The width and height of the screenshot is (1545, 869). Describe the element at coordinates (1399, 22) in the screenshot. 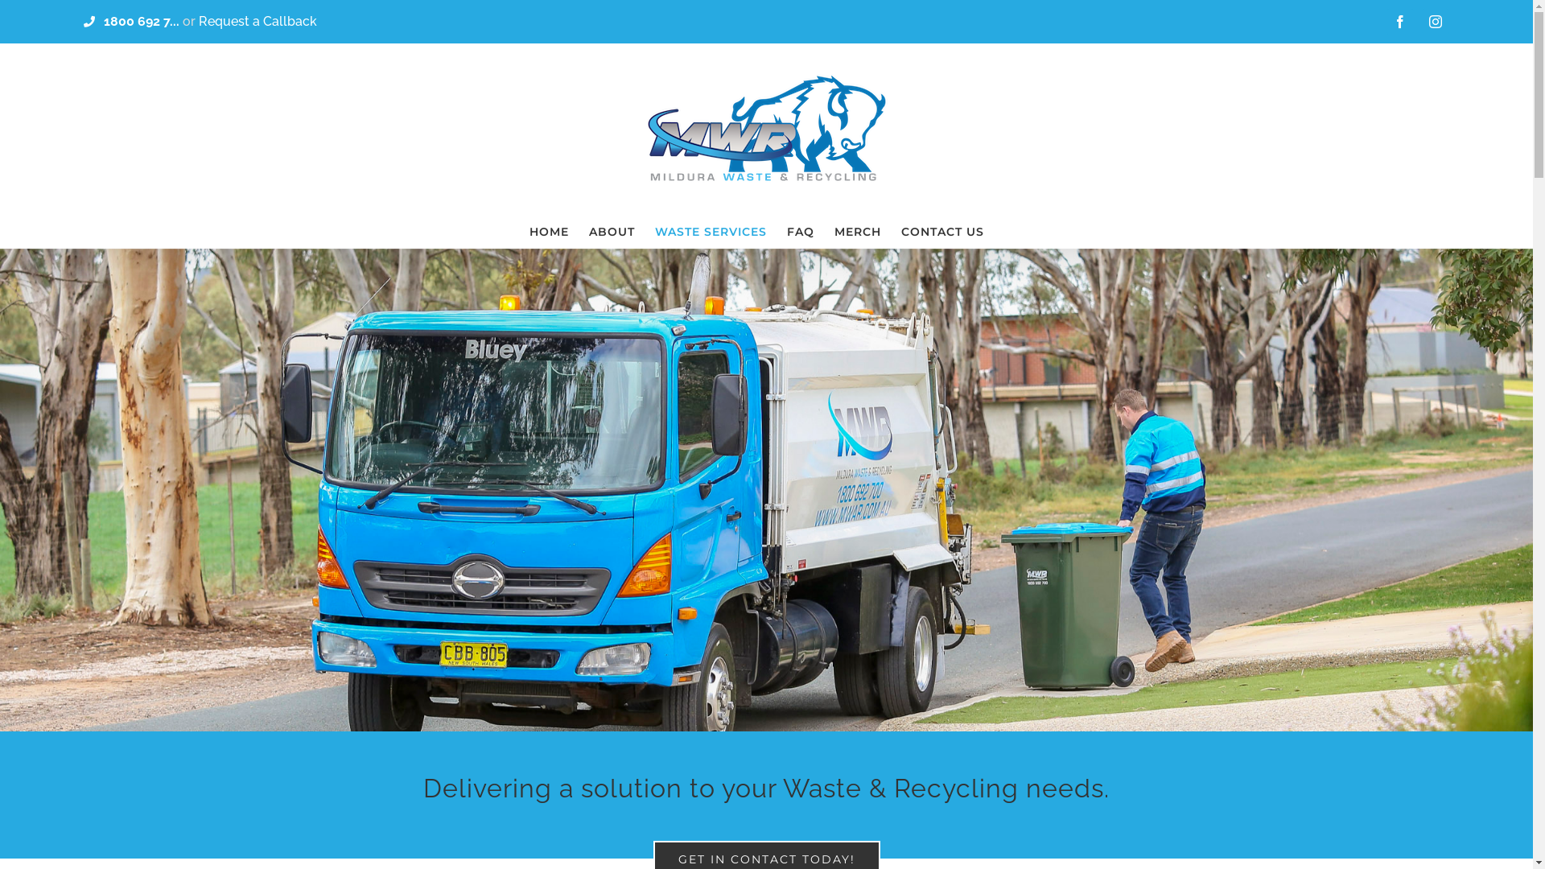

I see `'Facebook'` at that location.